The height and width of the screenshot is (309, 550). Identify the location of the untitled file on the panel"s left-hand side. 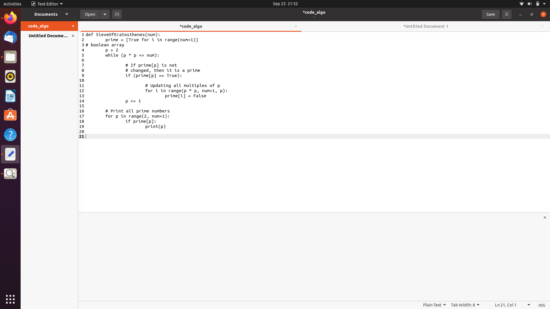
(45, 35).